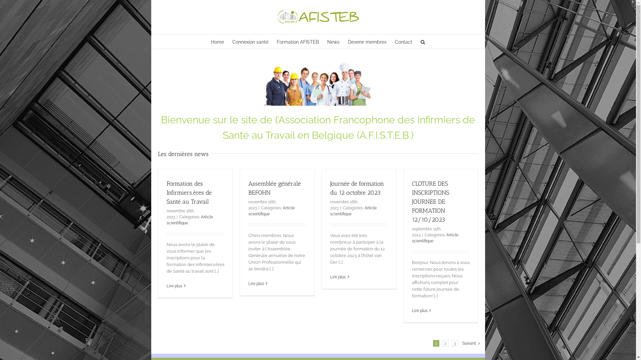 This screenshot has height=360, width=641. What do you see at coordinates (367, 41) in the screenshot?
I see `'Devenir membres'` at bounding box center [367, 41].